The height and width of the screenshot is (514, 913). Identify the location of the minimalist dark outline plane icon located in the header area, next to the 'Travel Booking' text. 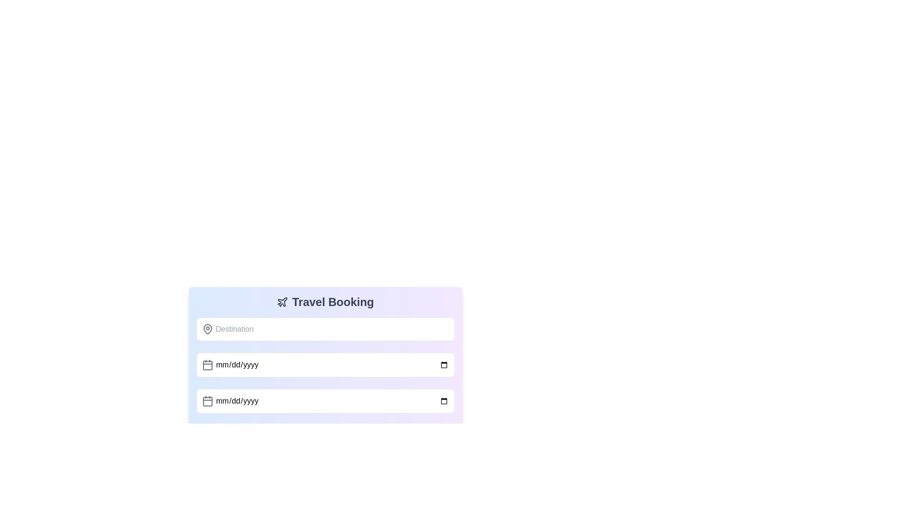
(282, 302).